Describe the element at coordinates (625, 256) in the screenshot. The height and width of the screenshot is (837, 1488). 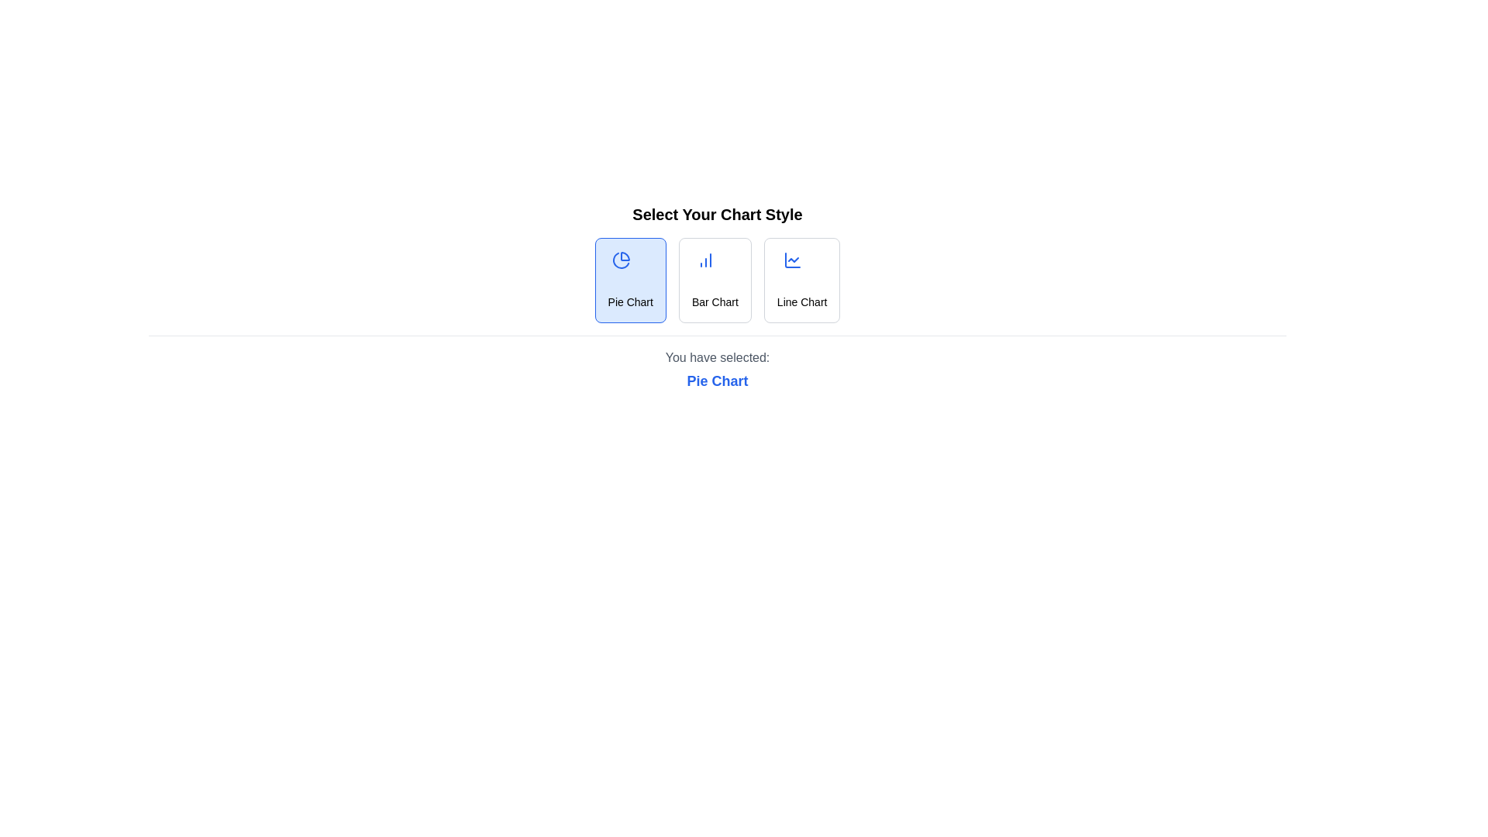
I see `the pie chart icon's top right quarter segment, which features a curved boundary and minimalist design` at that location.